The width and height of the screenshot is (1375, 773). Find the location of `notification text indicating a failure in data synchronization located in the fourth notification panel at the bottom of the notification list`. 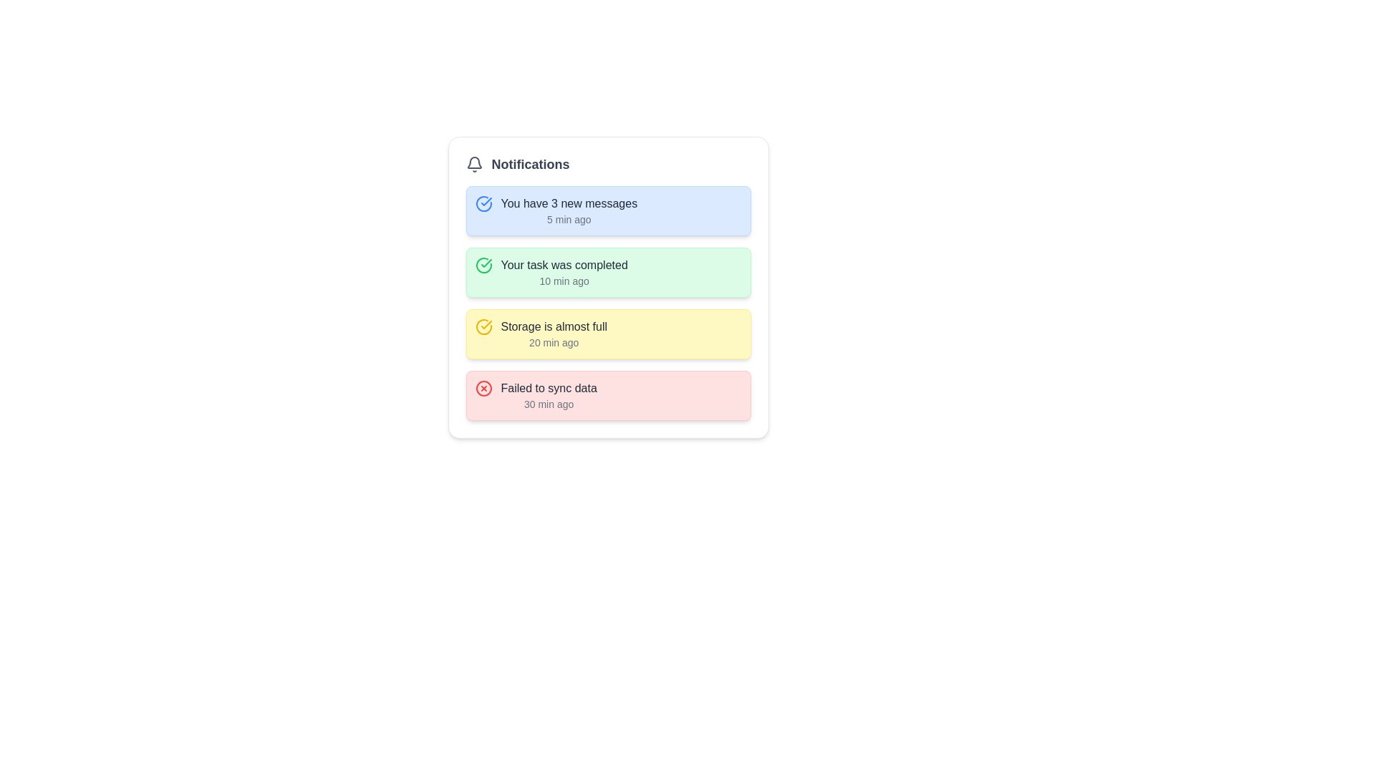

notification text indicating a failure in data synchronization located in the fourth notification panel at the bottom of the notification list is located at coordinates (548, 389).